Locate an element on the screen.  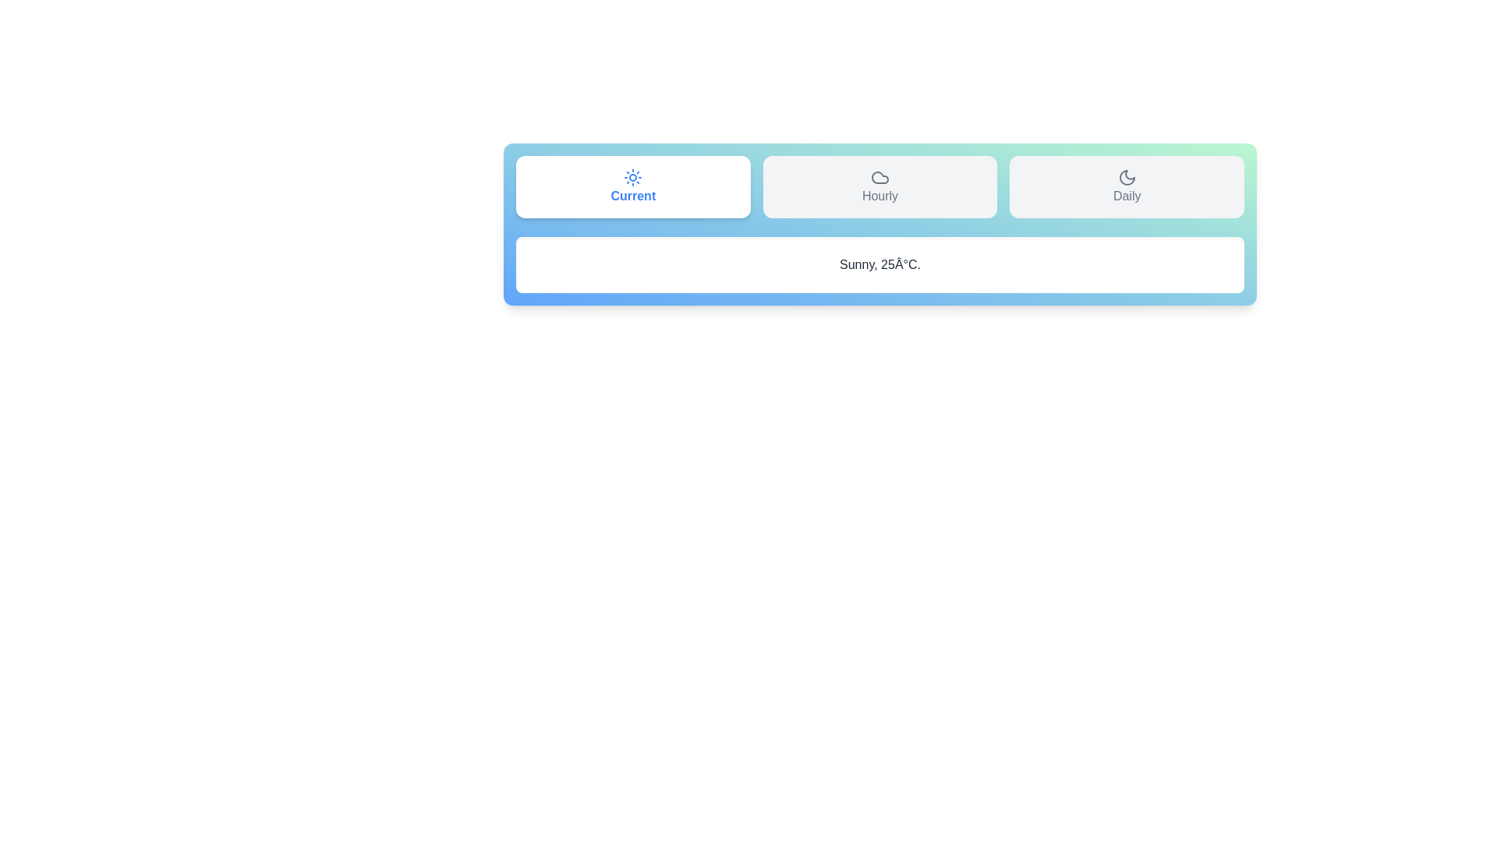
the Hourly tab to view its content is located at coordinates (879, 186).